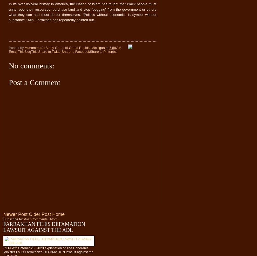  What do you see at coordinates (44, 227) in the screenshot?
I see `'FARRAKHAN FILES DEFAMATION LAWSUIT AGAINST THE ADL'` at bounding box center [44, 227].